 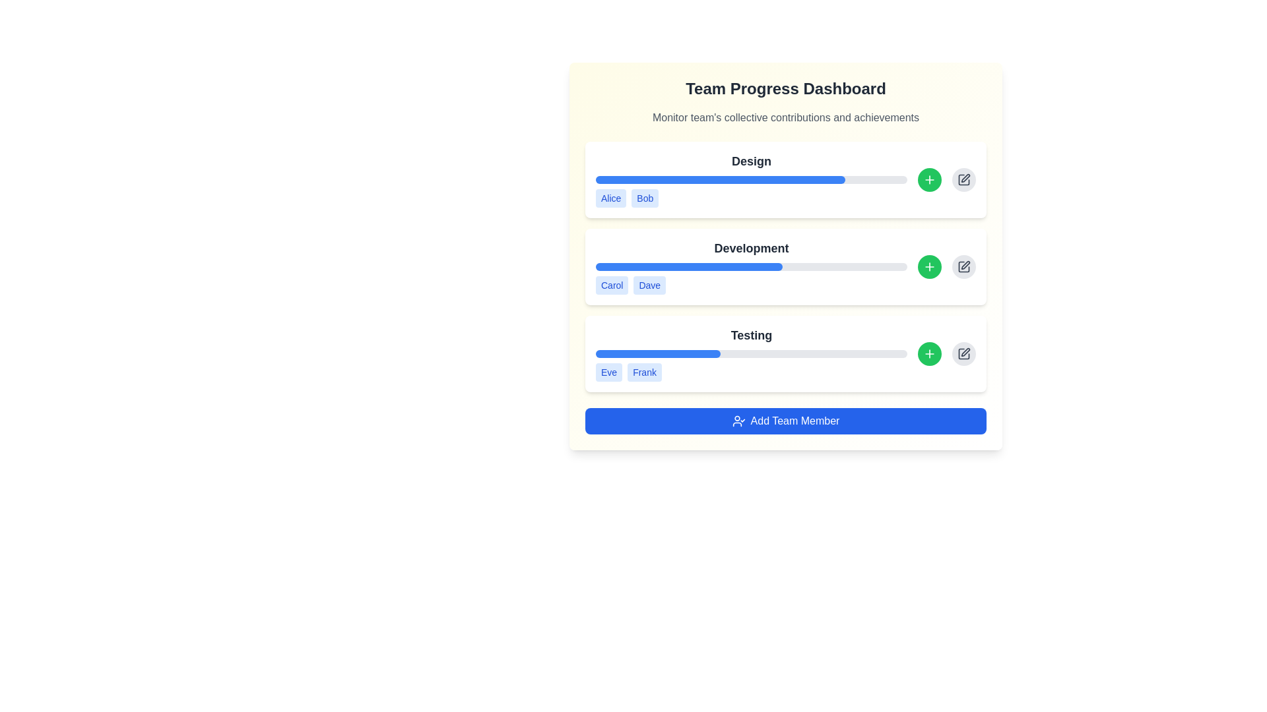 What do you see at coordinates (963, 267) in the screenshot?
I see `the edit icon located in the rightmost part of the 'Development' section of the dashboard` at bounding box center [963, 267].